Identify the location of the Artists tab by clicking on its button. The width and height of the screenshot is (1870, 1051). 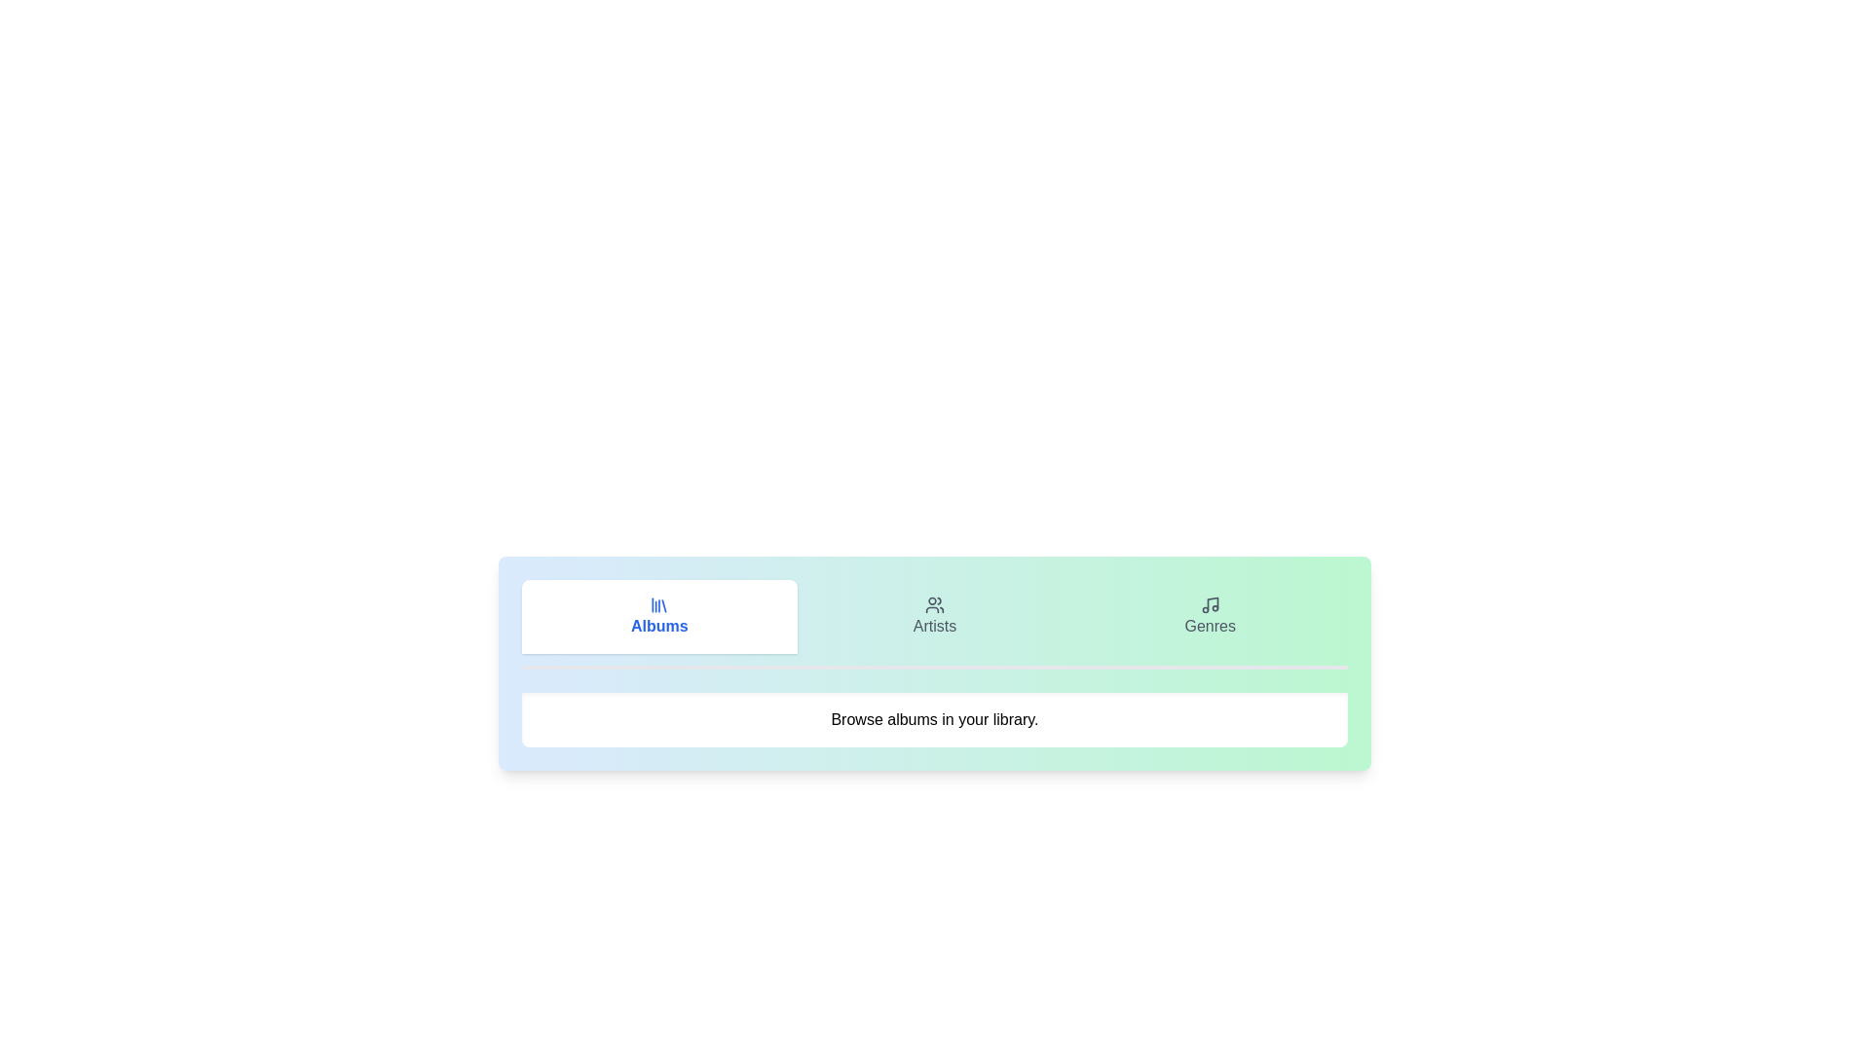
(935, 616).